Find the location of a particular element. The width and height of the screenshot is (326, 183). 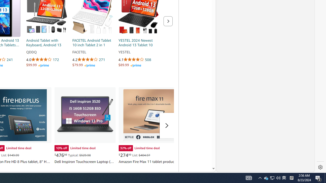

'$79.99 Amazon Prime' is located at coordinates (84, 65).